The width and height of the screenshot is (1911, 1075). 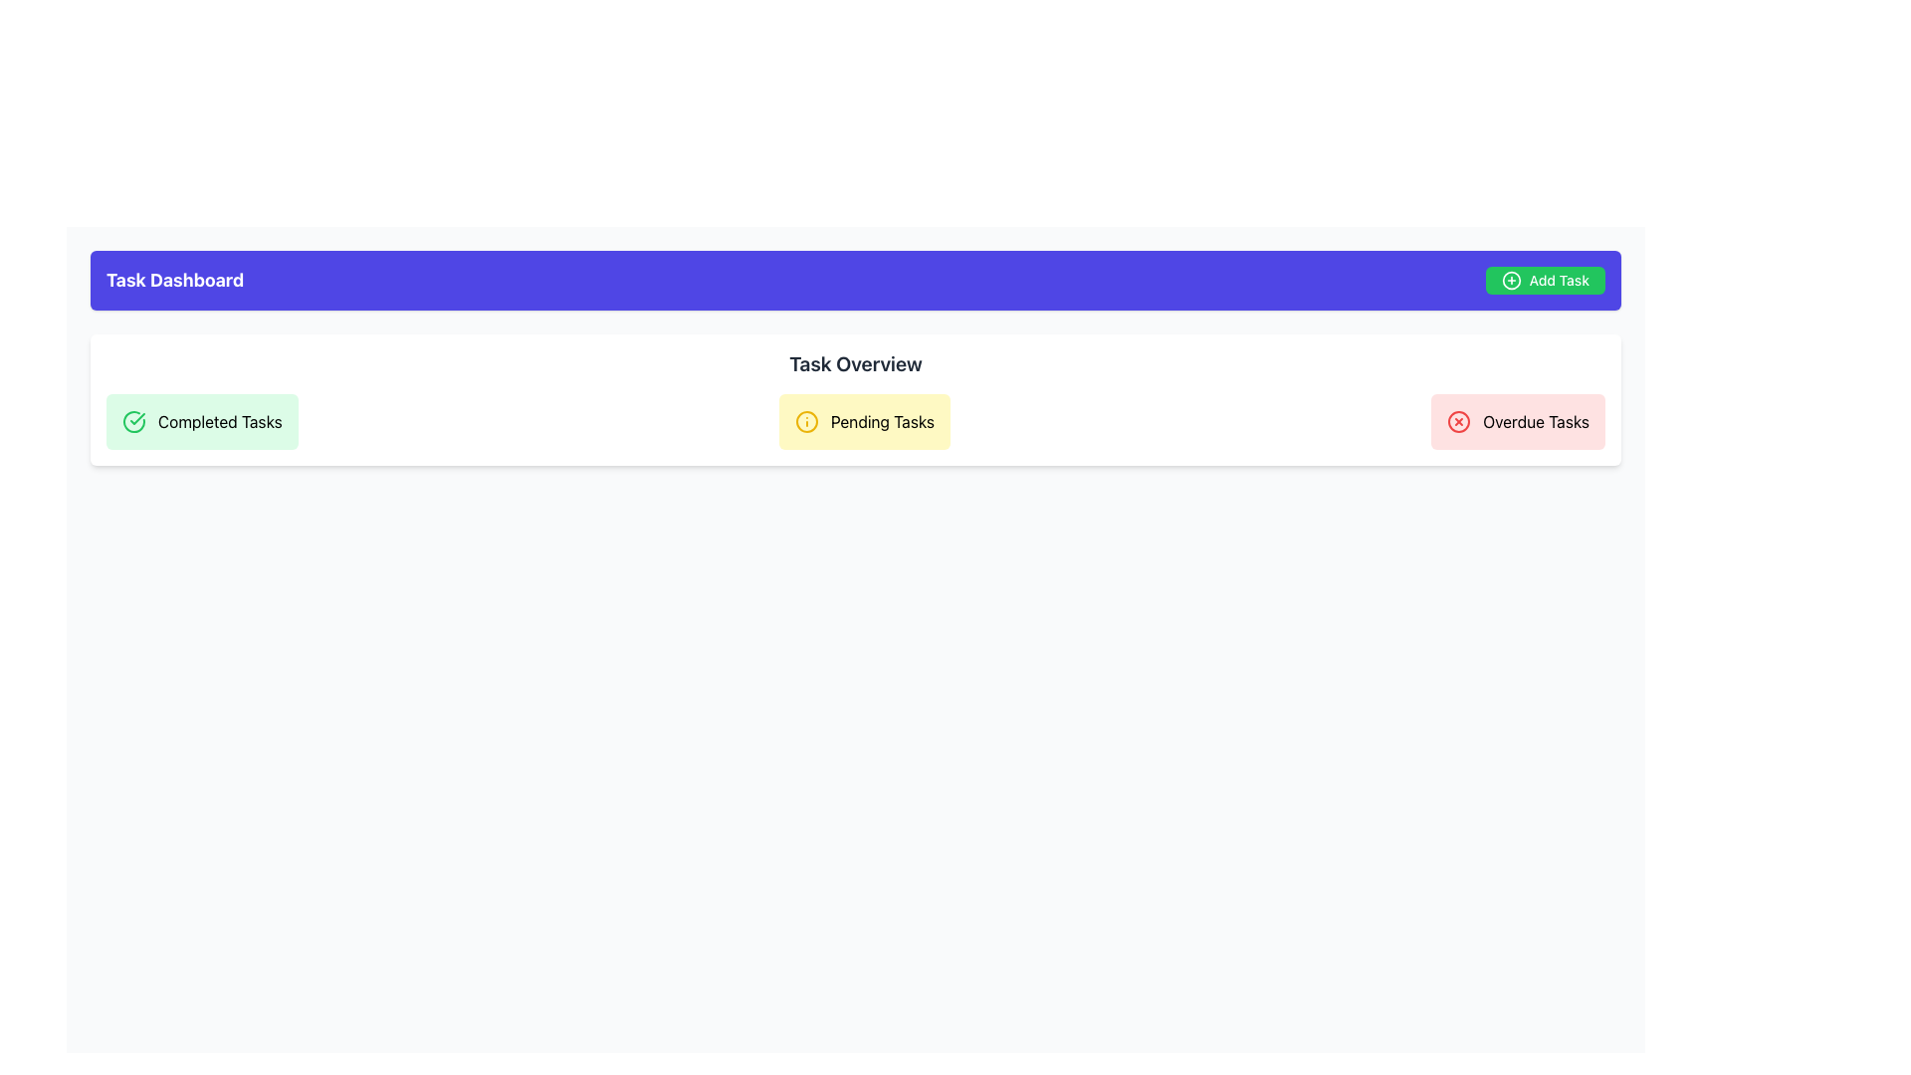 I want to click on the 'Overdue Tasks' text label, which is styled with a bold font against a light red background, so click(x=1535, y=421).